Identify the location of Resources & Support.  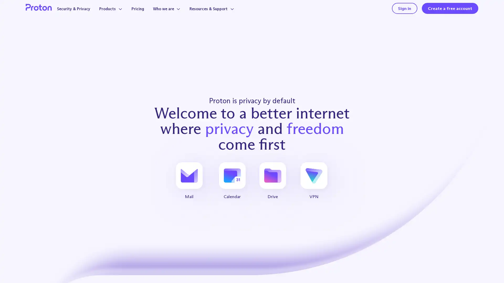
(227, 13).